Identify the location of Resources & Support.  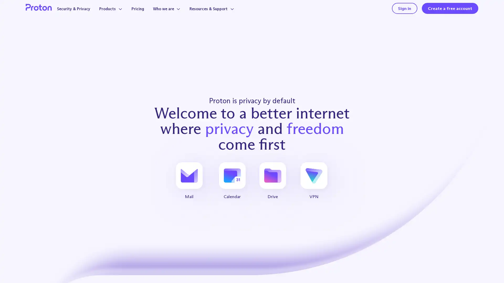
(227, 13).